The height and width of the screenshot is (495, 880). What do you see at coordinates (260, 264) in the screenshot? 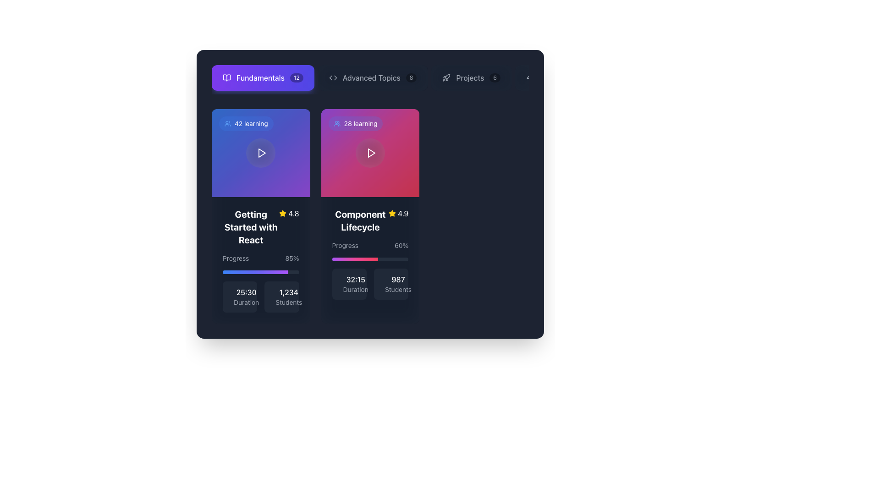
I see `the progress bar labeled 'Progress' with the percentage '85%'` at bounding box center [260, 264].